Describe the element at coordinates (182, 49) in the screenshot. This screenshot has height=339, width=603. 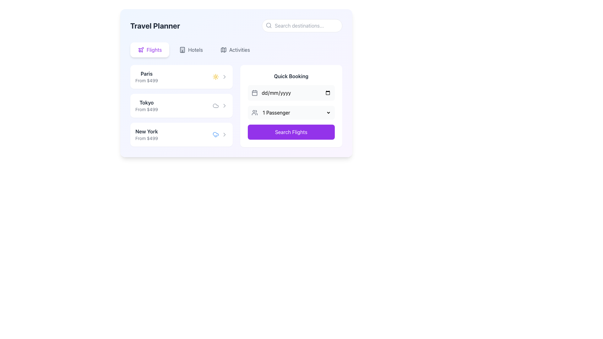
I see `the SVG element representing a hotel icon located in the navigation bar under the 'Hotels' tab option` at that location.